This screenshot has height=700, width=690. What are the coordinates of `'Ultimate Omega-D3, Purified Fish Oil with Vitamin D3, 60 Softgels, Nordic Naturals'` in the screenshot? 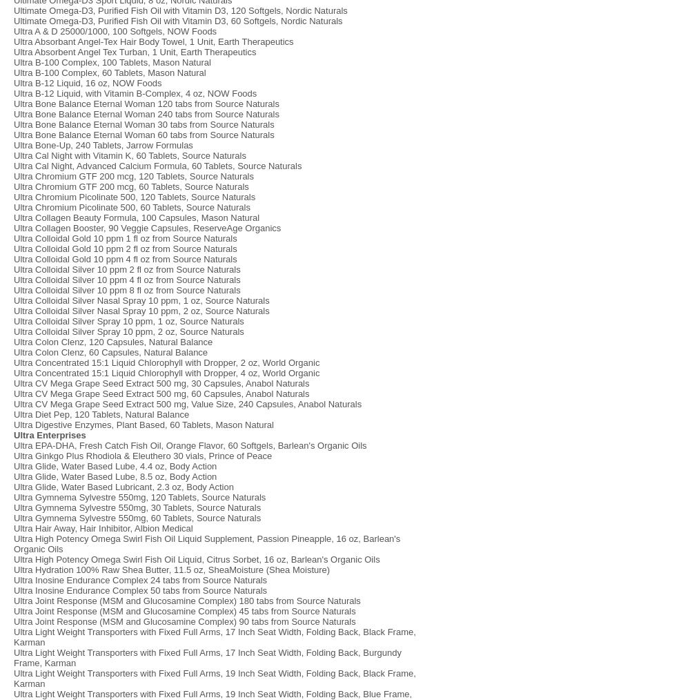 It's located at (178, 20).